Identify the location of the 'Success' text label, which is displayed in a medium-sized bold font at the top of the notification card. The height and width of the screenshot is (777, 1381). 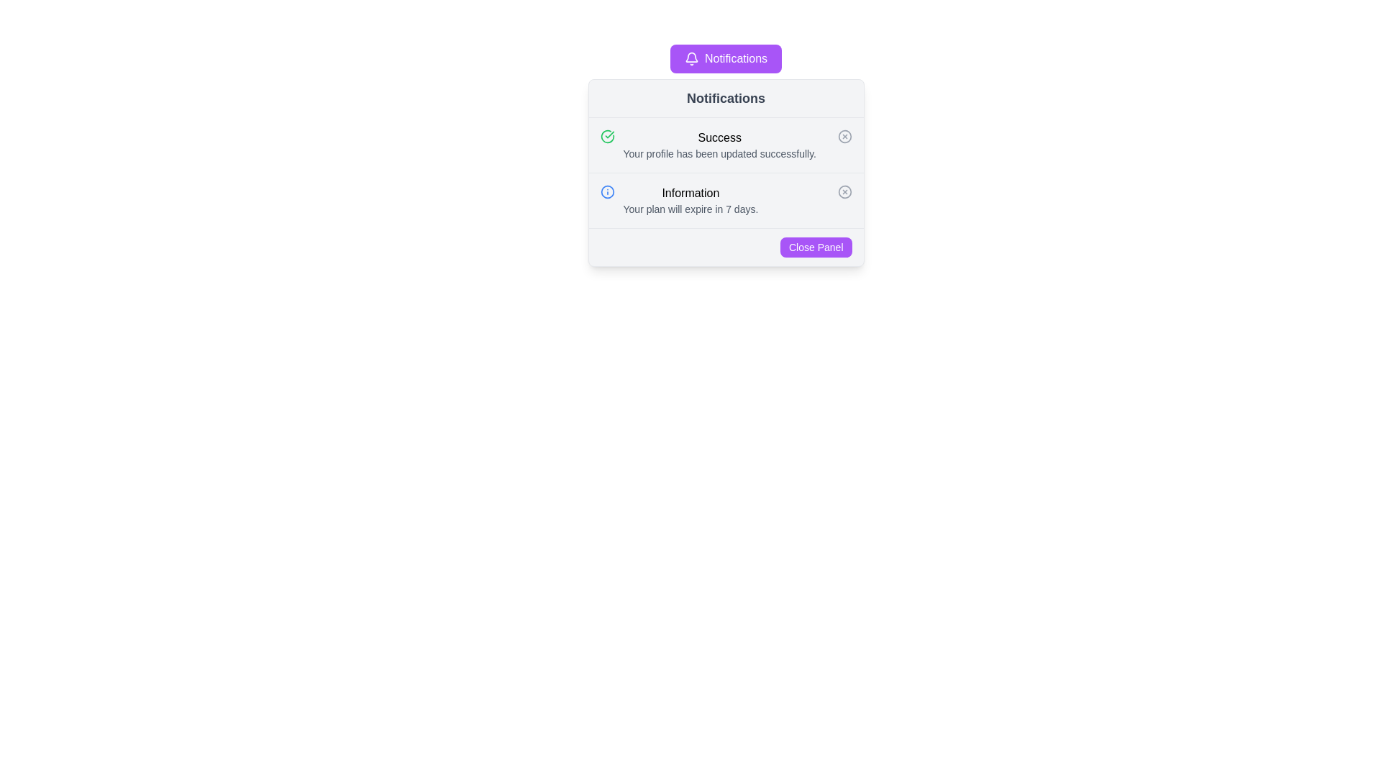
(719, 138).